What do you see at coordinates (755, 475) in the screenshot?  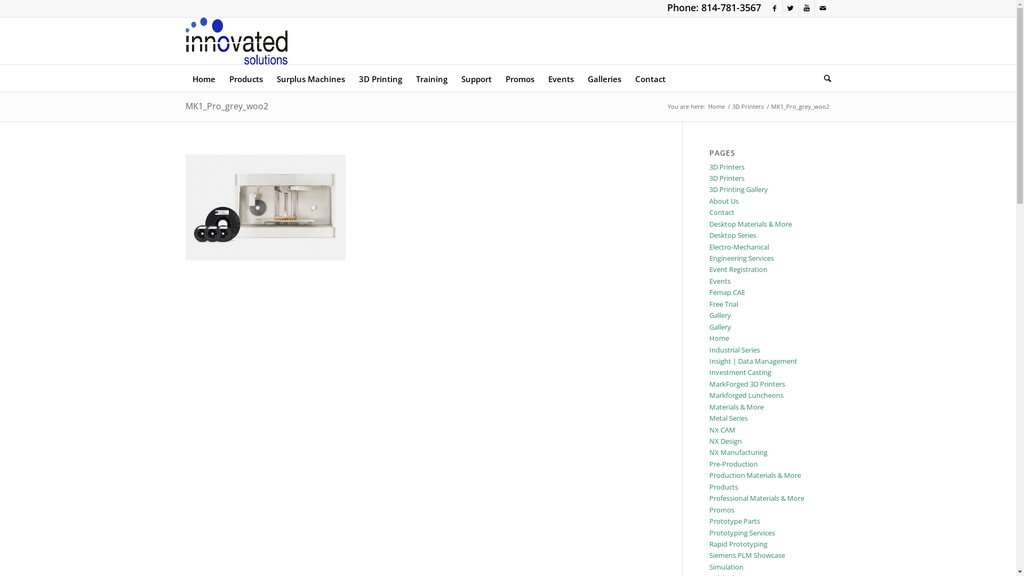 I see `'Production Materials & More'` at bounding box center [755, 475].